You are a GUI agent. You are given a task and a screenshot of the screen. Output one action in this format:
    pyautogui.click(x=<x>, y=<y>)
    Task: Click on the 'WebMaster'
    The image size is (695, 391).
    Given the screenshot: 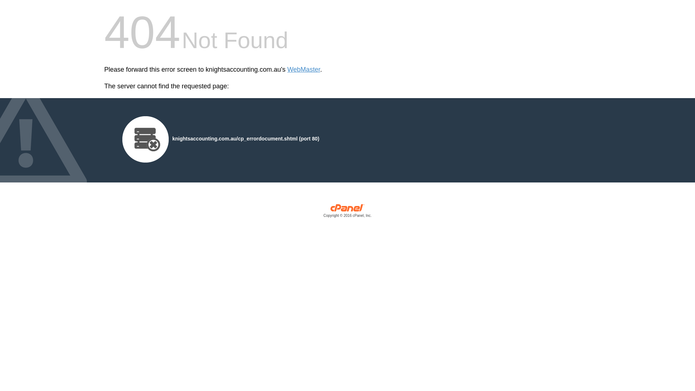 What is the action you would take?
    pyautogui.click(x=304, y=70)
    